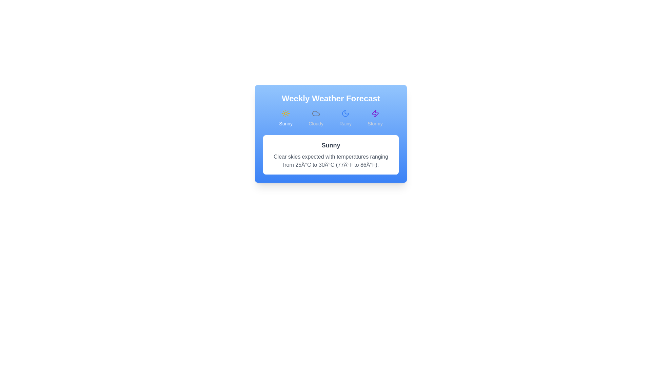 The image size is (651, 366). What do you see at coordinates (315, 118) in the screenshot?
I see `the weather tab labeled Cloudy to view its details` at bounding box center [315, 118].